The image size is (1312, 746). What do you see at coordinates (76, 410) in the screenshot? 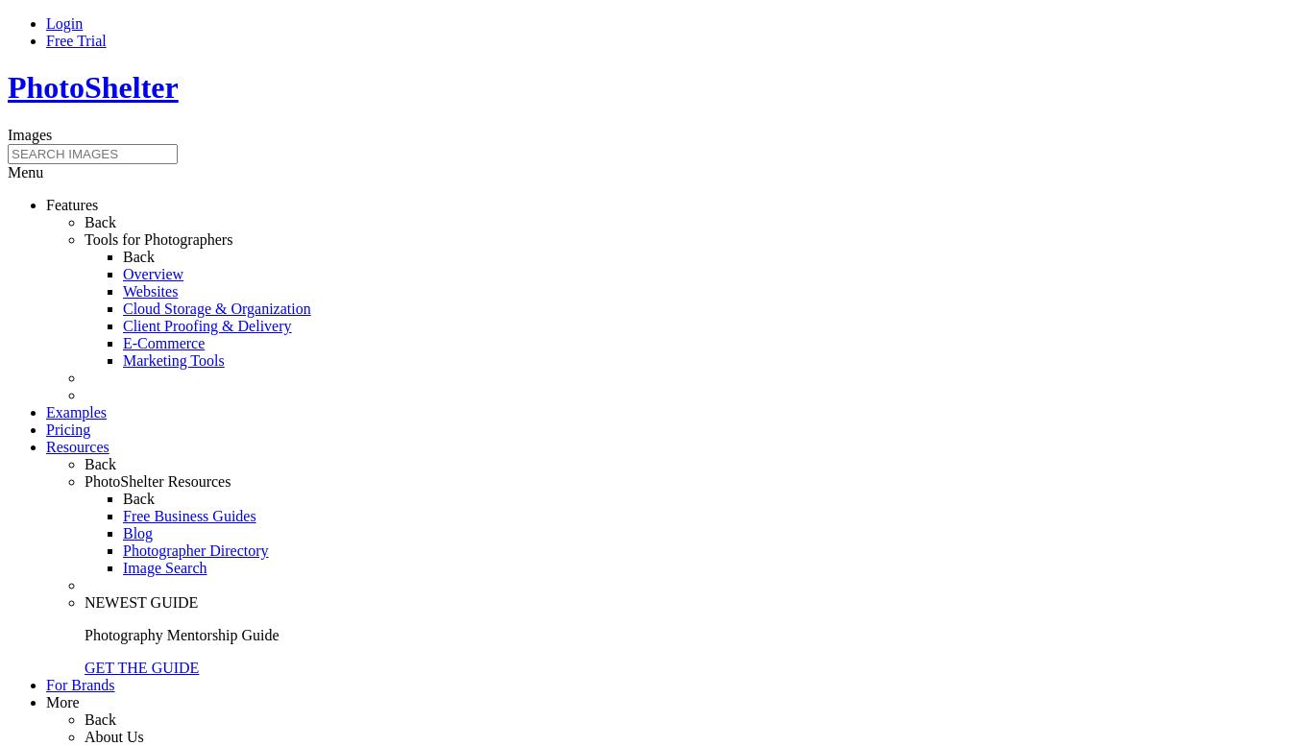
I see `'Examples'` at bounding box center [76, 410].